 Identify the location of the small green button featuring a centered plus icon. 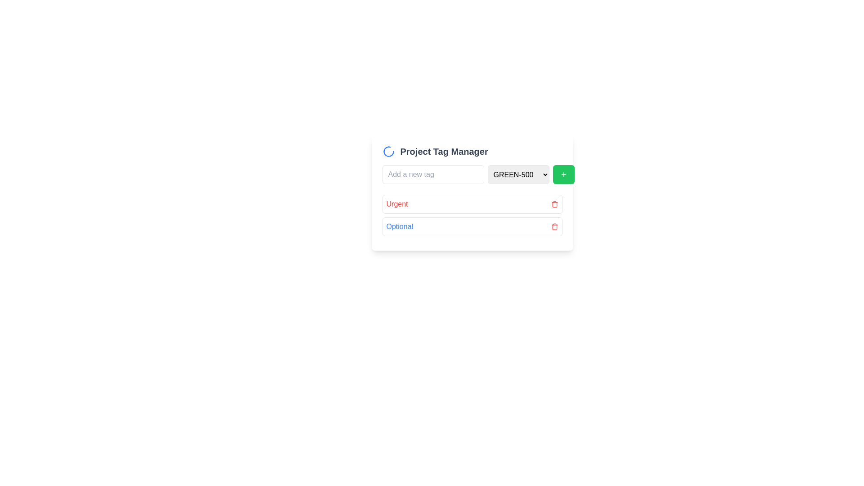
(563, 175).